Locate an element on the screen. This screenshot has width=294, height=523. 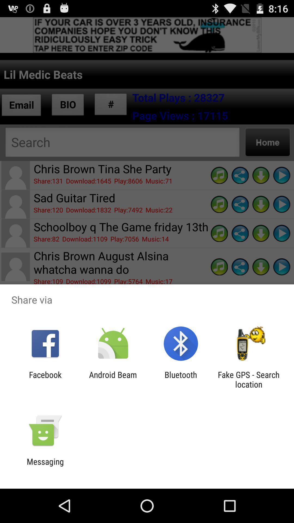
the app next to bluetooth item is located at coordinates (113, 379).